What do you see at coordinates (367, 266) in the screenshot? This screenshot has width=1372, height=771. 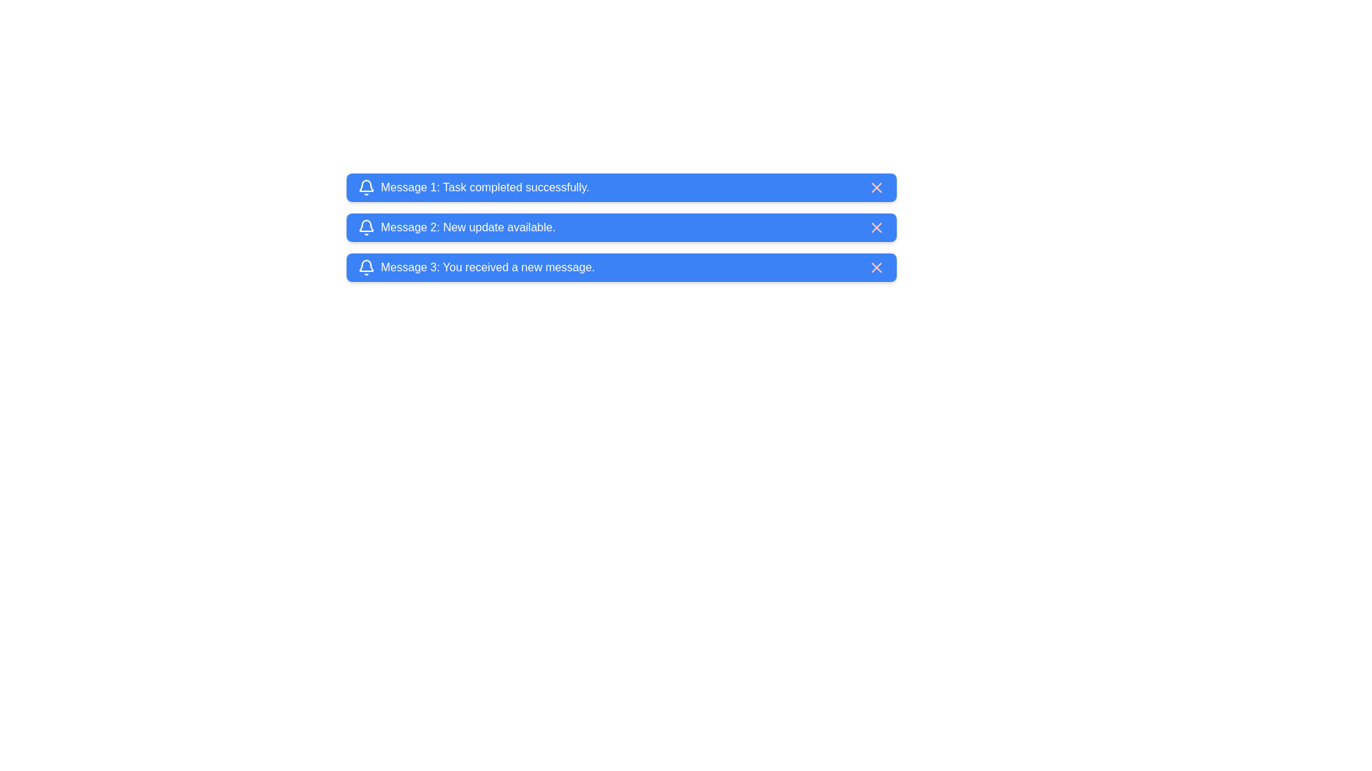 I see `the bell-shaped notification icon located to the left of the message text 'Message 3: You received a new message.' in the last notification message box` at bounding box center [367, 266].